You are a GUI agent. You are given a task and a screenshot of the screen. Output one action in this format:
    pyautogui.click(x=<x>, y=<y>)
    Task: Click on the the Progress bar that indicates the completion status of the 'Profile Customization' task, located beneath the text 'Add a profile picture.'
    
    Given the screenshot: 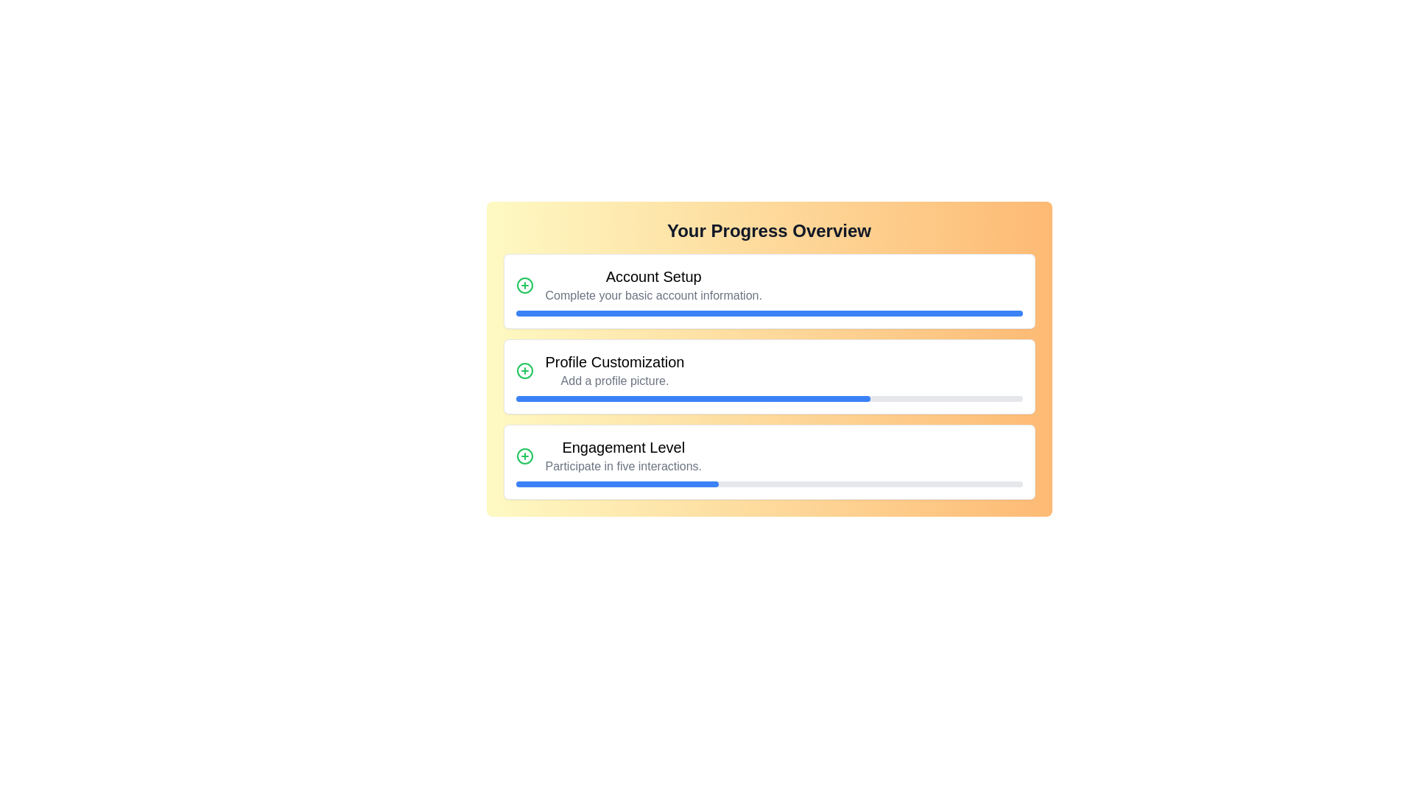 What is the action you would take?
    pyautogui.click(x=768, y=399)
    